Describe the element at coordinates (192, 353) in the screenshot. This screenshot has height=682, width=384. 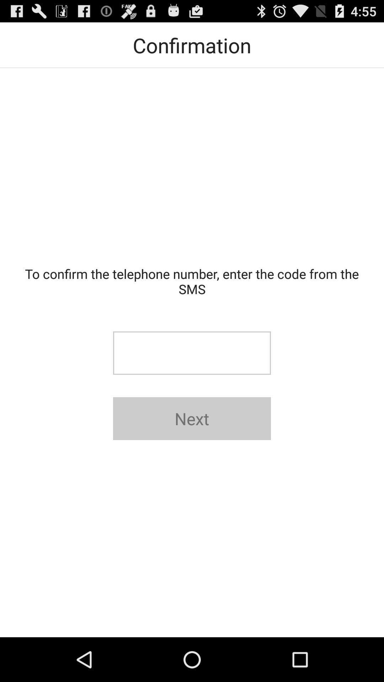
I see `item above next item` at that location.